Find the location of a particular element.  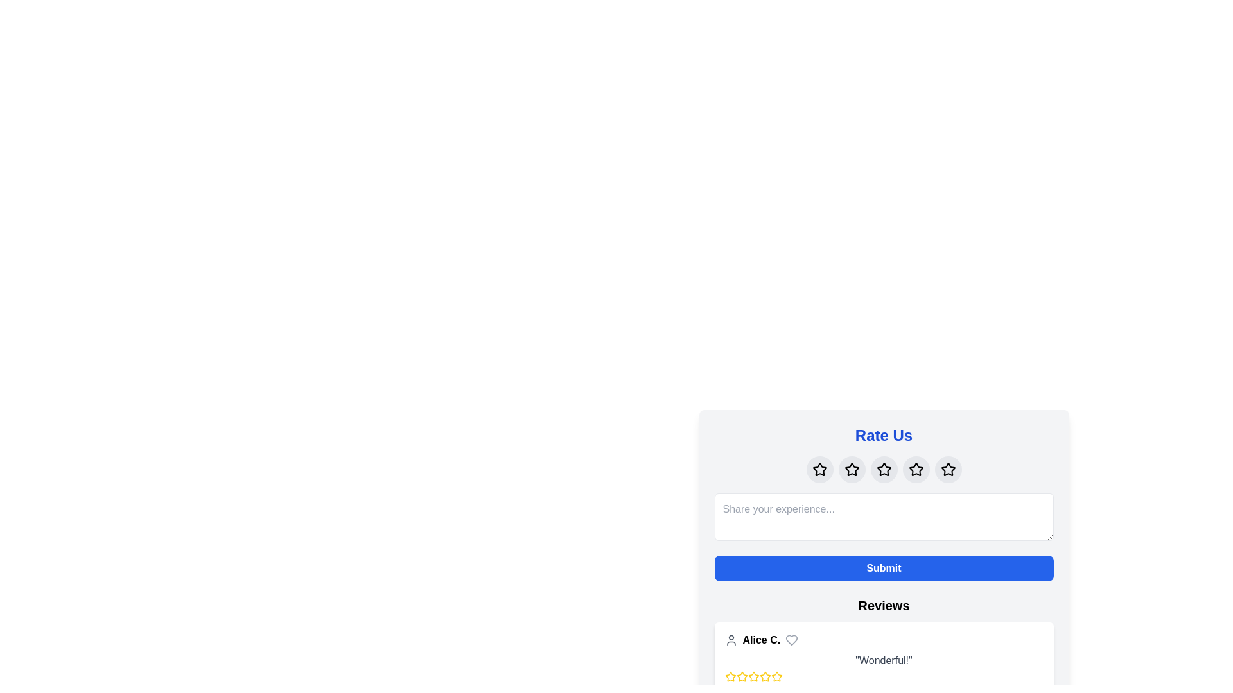

the username 'Alice C.' in the User Profile Display is located at coordinates (883, 640).